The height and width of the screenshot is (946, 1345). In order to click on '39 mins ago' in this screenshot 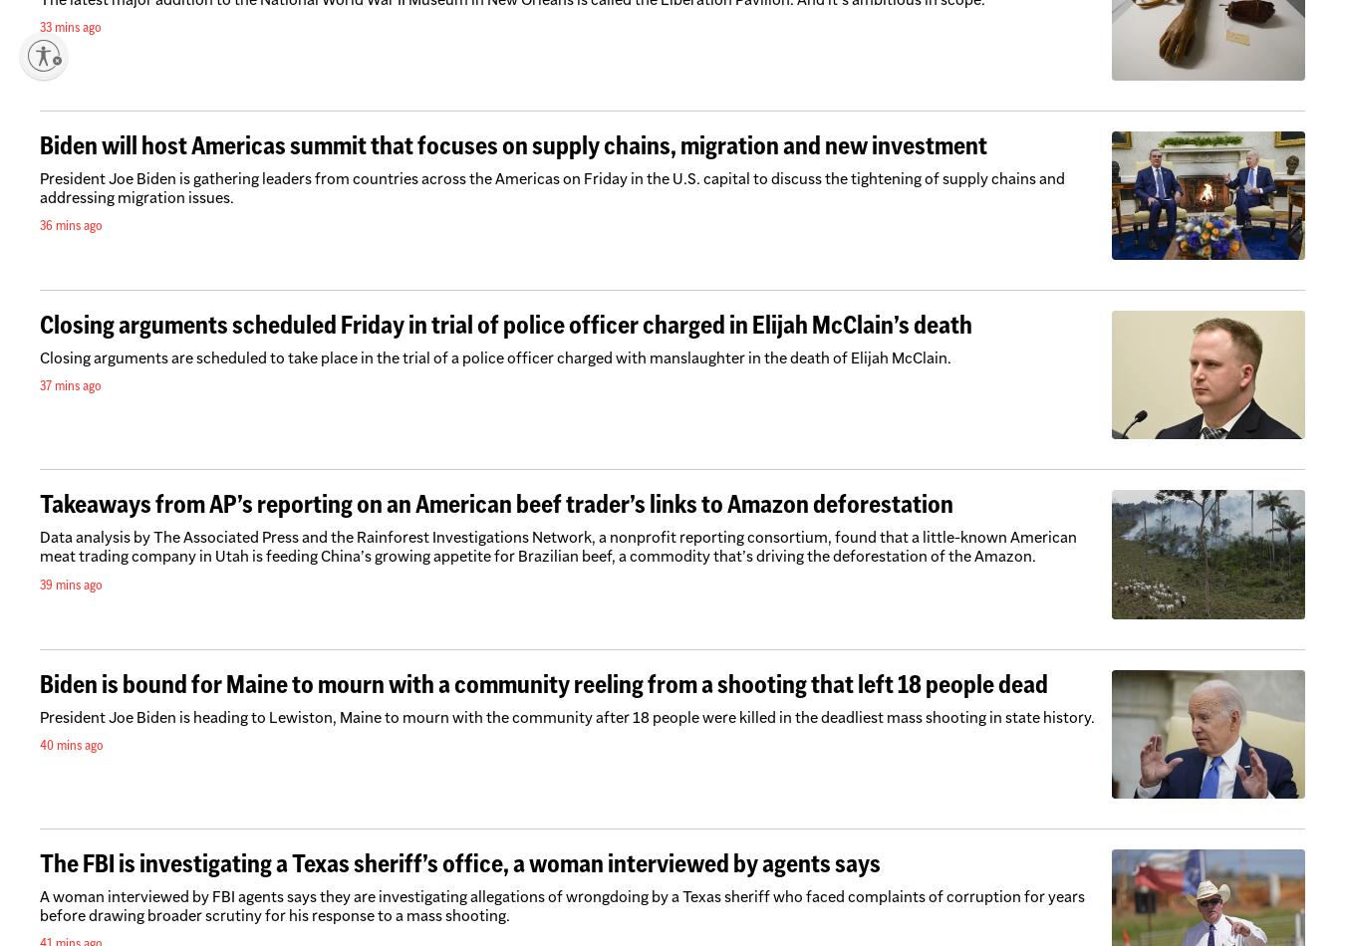, I will do `click(38, 583)`.